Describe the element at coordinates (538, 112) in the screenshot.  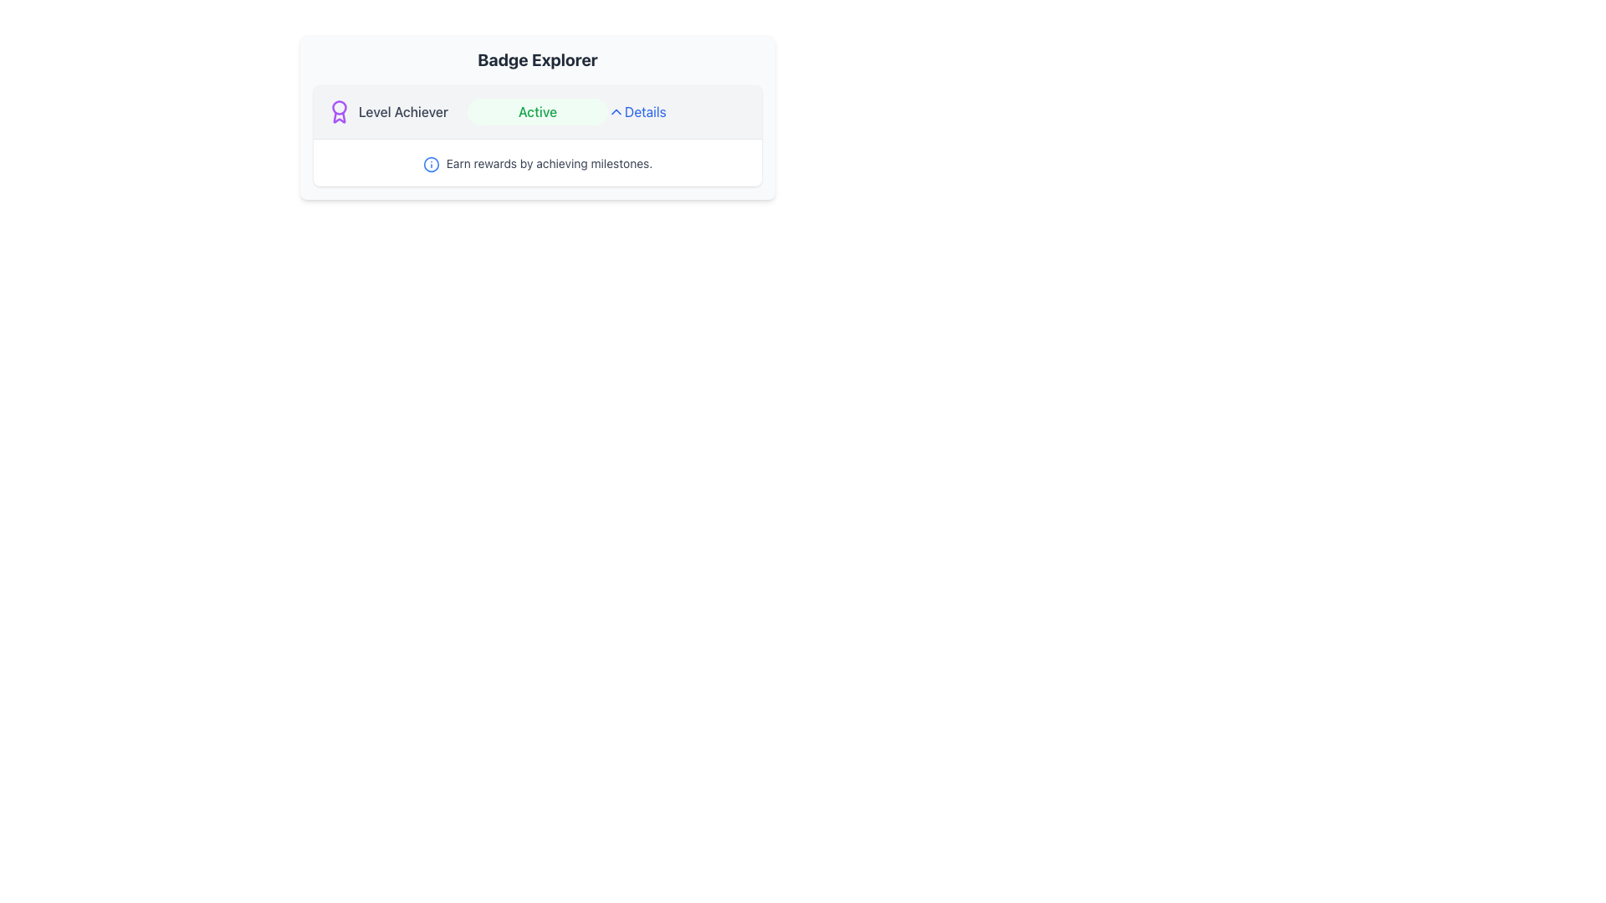
I see `the Status Label element reading 'Active', which is styled with green text and a light green rounded background, located in the center of the row between 'Level Achiever' and 'Details'` at that location.